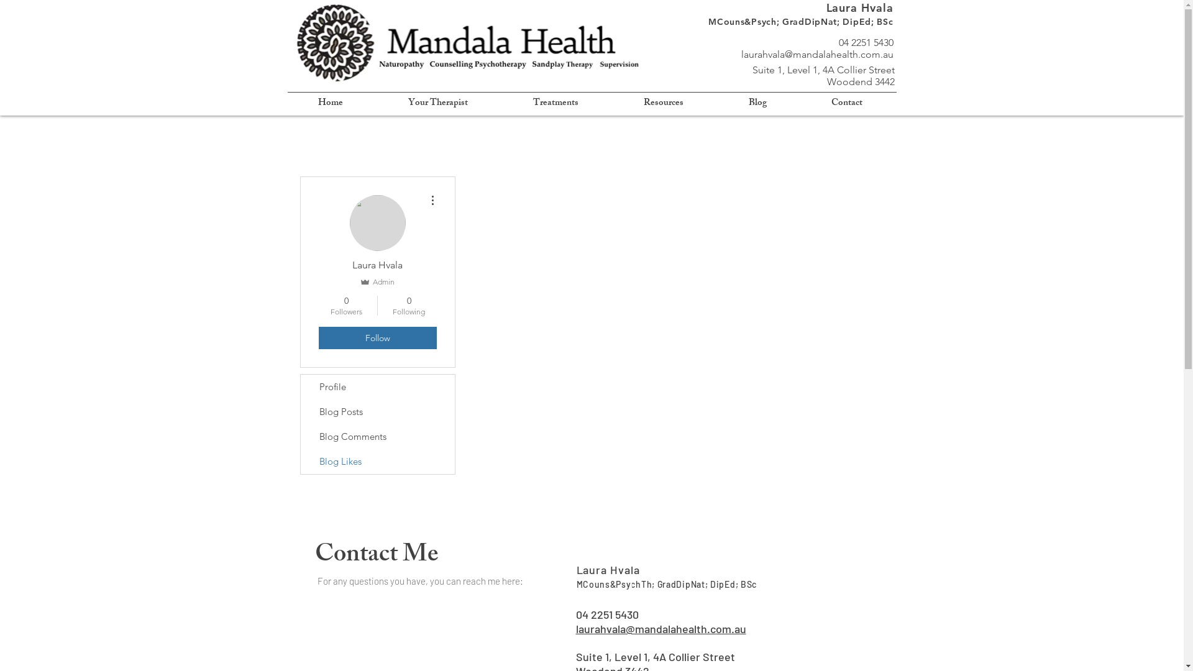 The height and width of the screenshot is (671, 1193). What do you see at coordinates (608, 570) in the screenshot?
I see `'Laura Hvala'` at bounding box center [608, 570].